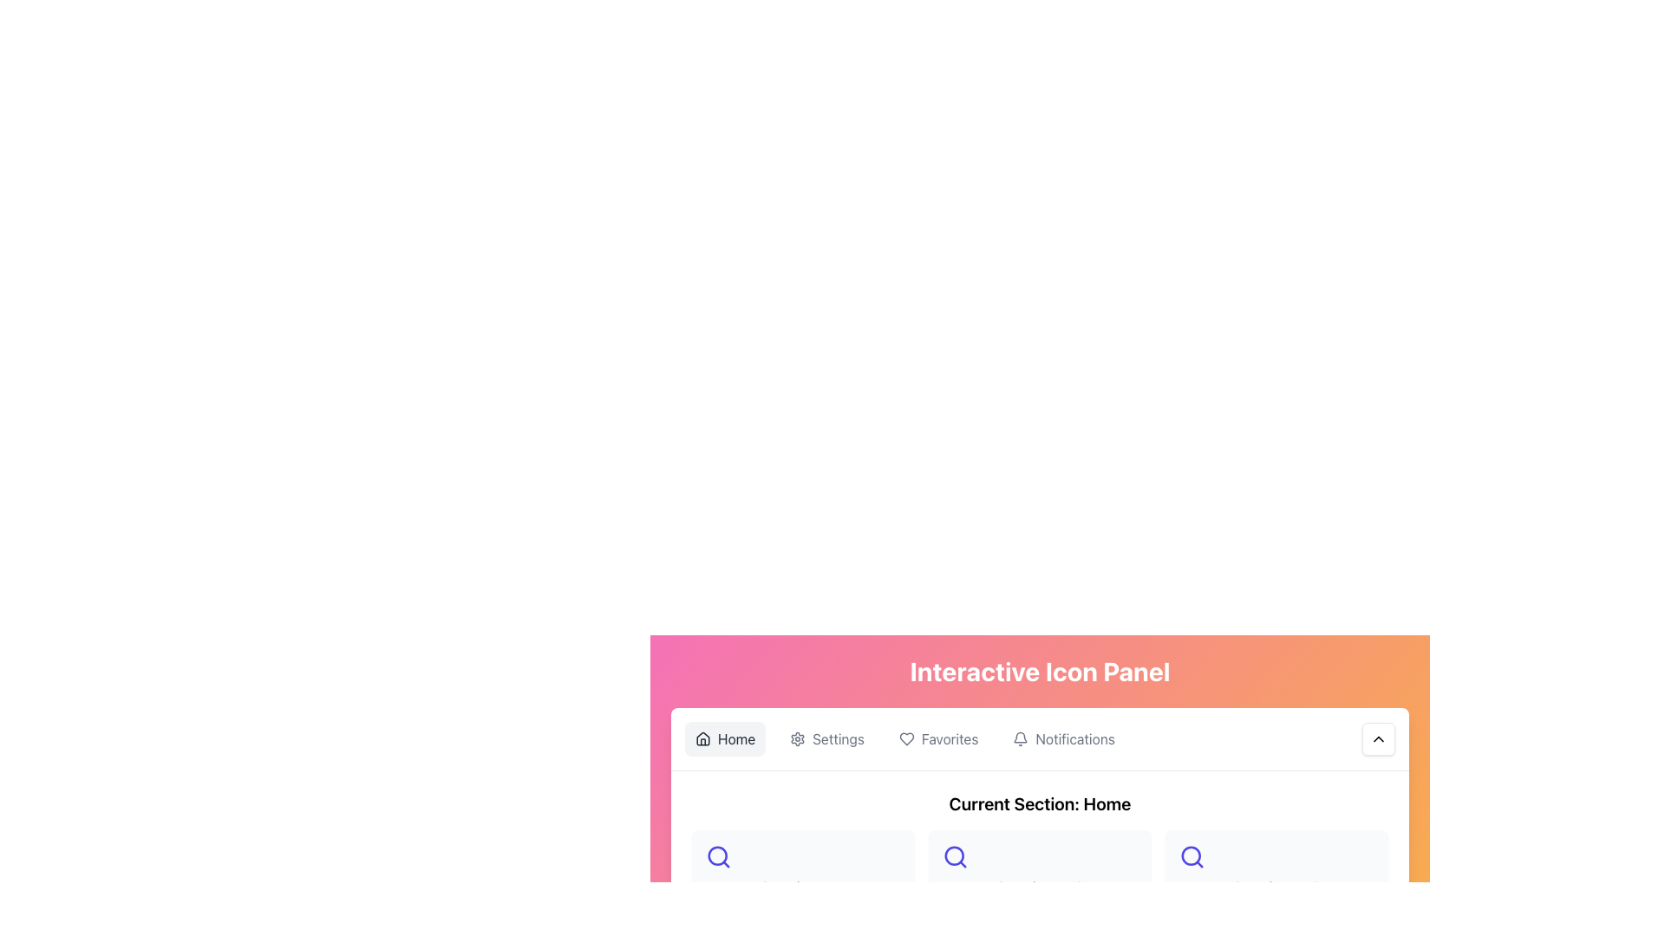 The image size is (1665, 936). Describe the element at coordinates (906, 738) in the screenshot. I see `the heart-shaped icon with a sharp gray outline, located to the left of the 'Favorites' text in the horizontal menu bar below the header 'Interactive Icon Panel'` at that location.